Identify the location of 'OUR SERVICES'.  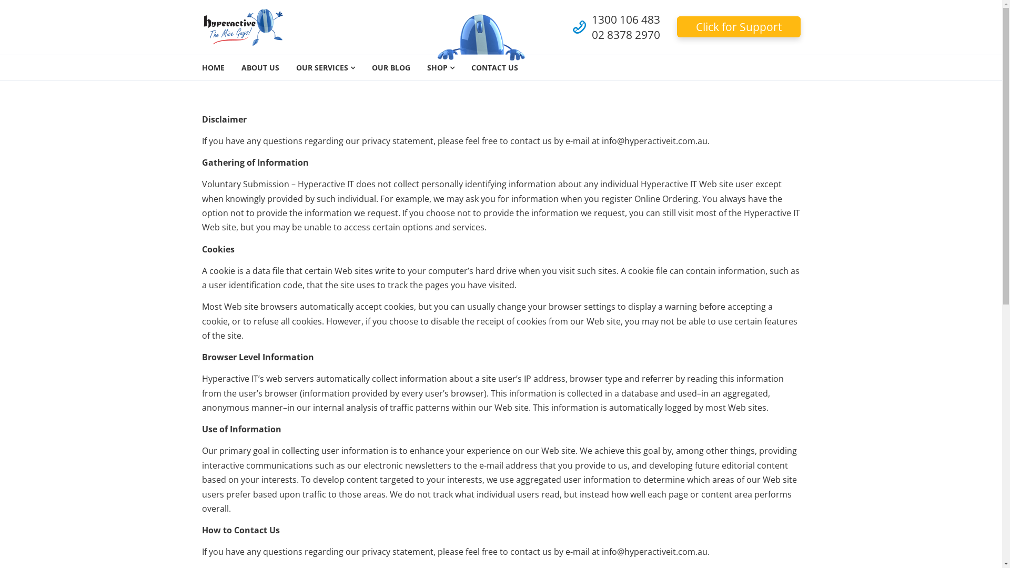
(325, 67).